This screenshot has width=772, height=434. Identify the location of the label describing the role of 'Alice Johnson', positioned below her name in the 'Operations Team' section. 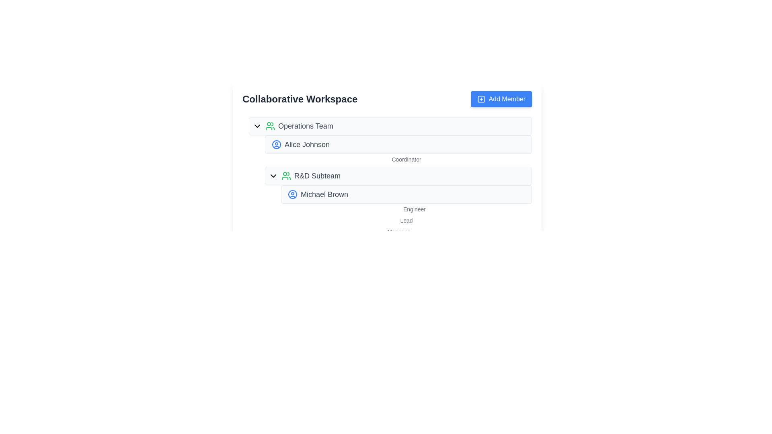
(407, 160).